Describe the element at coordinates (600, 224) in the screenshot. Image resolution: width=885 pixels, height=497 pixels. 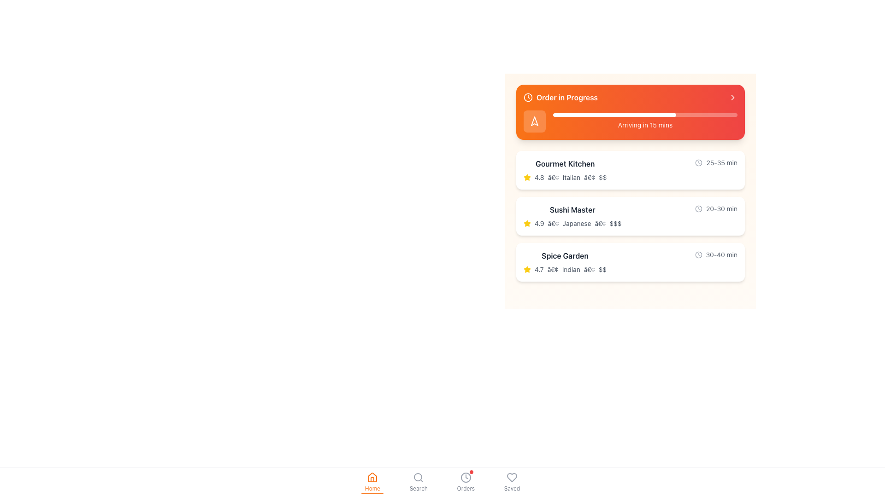
I see `the decorative separator text symbol located in the second entry of the restaurant list, positioned between 'Japanese' and '$$$', to visually segment the data for better readability` at that location.